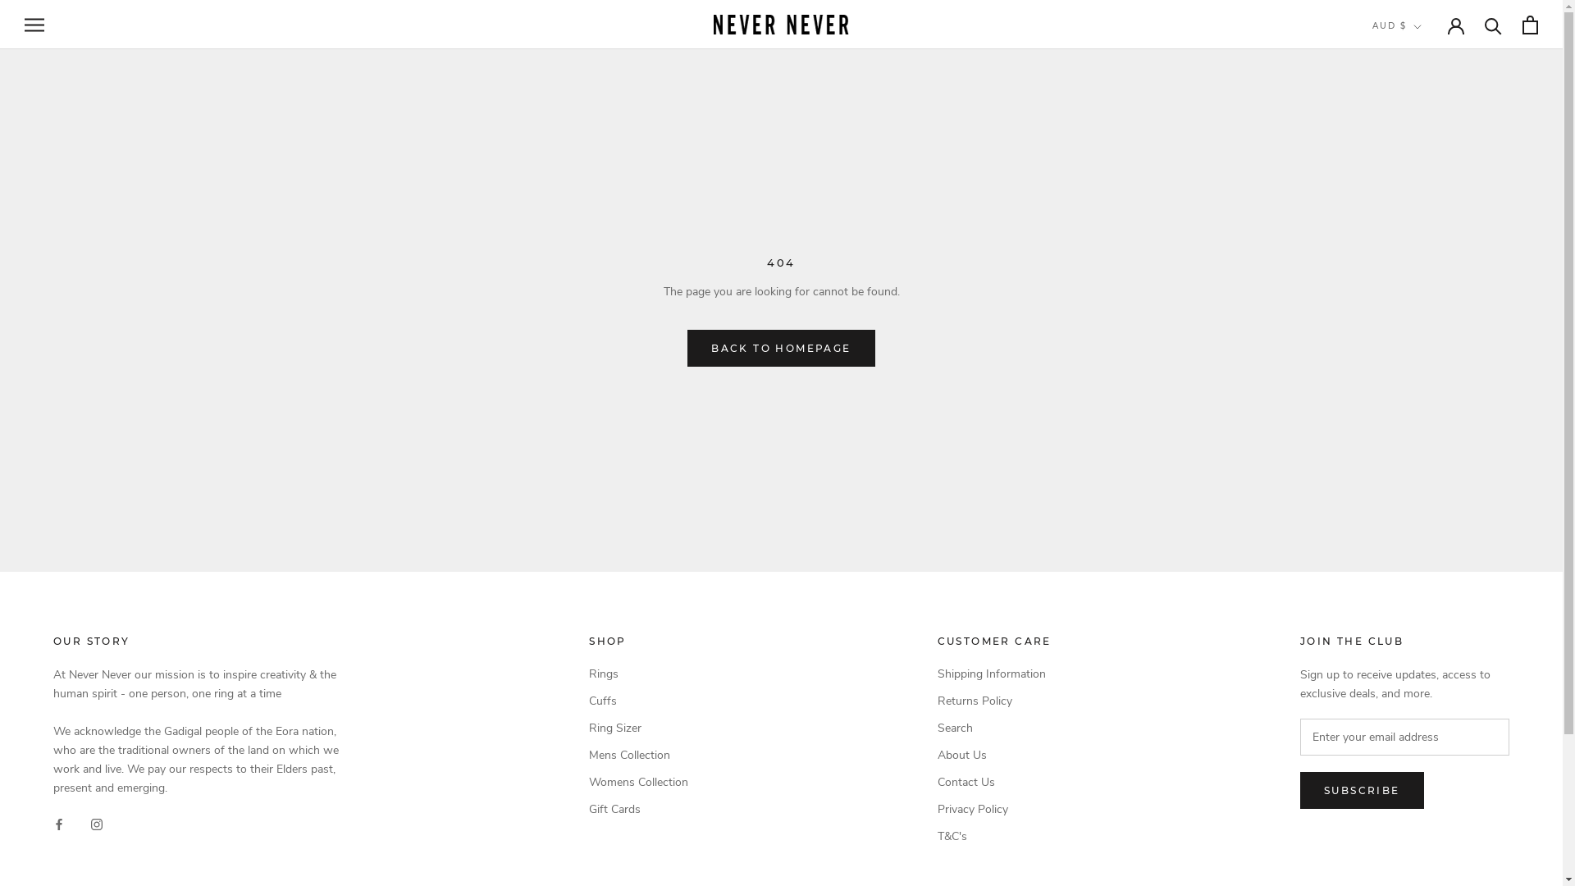 This screenshot has height=886, width=1575. What do you see at coordinates (637, 674) in the screenshot?
I see `'Rings'` at bounding box center [637, 674].